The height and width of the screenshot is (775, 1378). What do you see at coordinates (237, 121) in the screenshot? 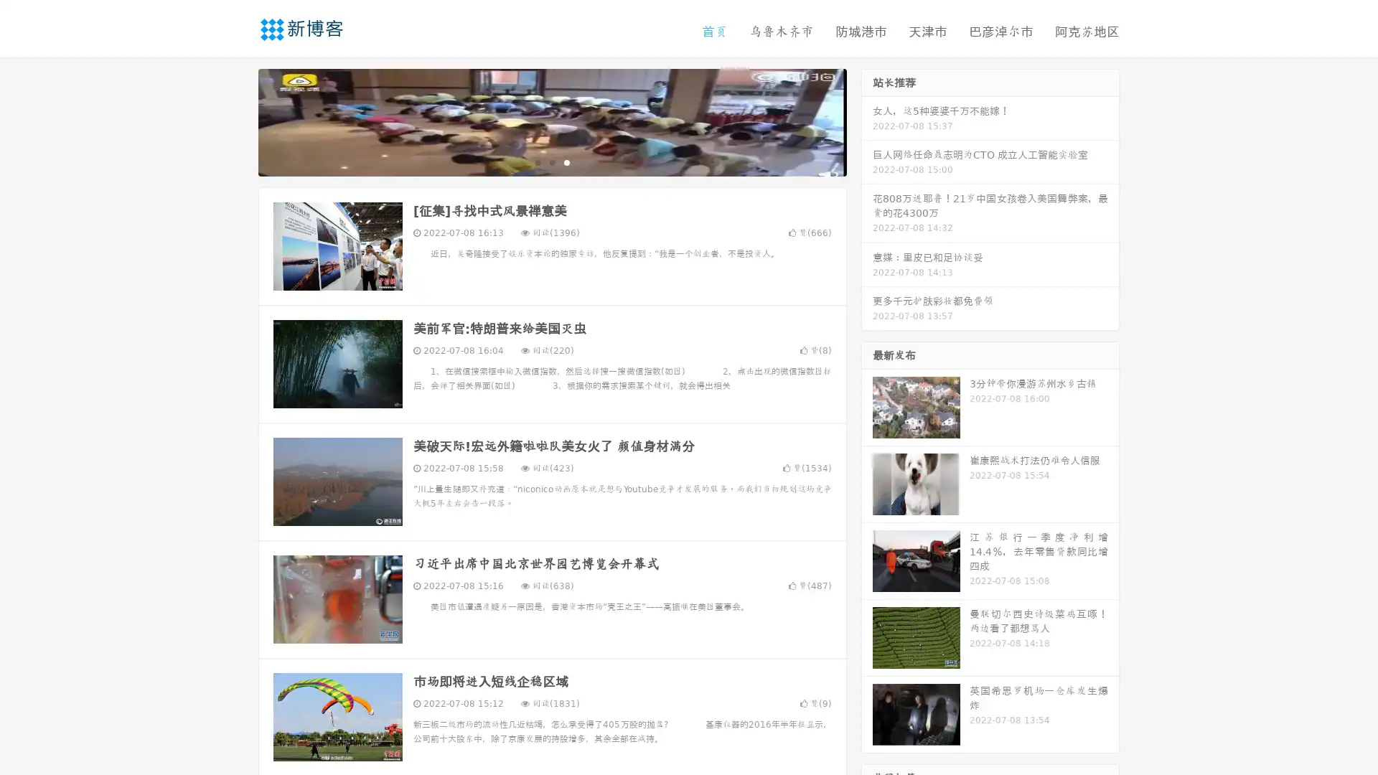
I see `Previous slide` at bounding box center [237, 121].